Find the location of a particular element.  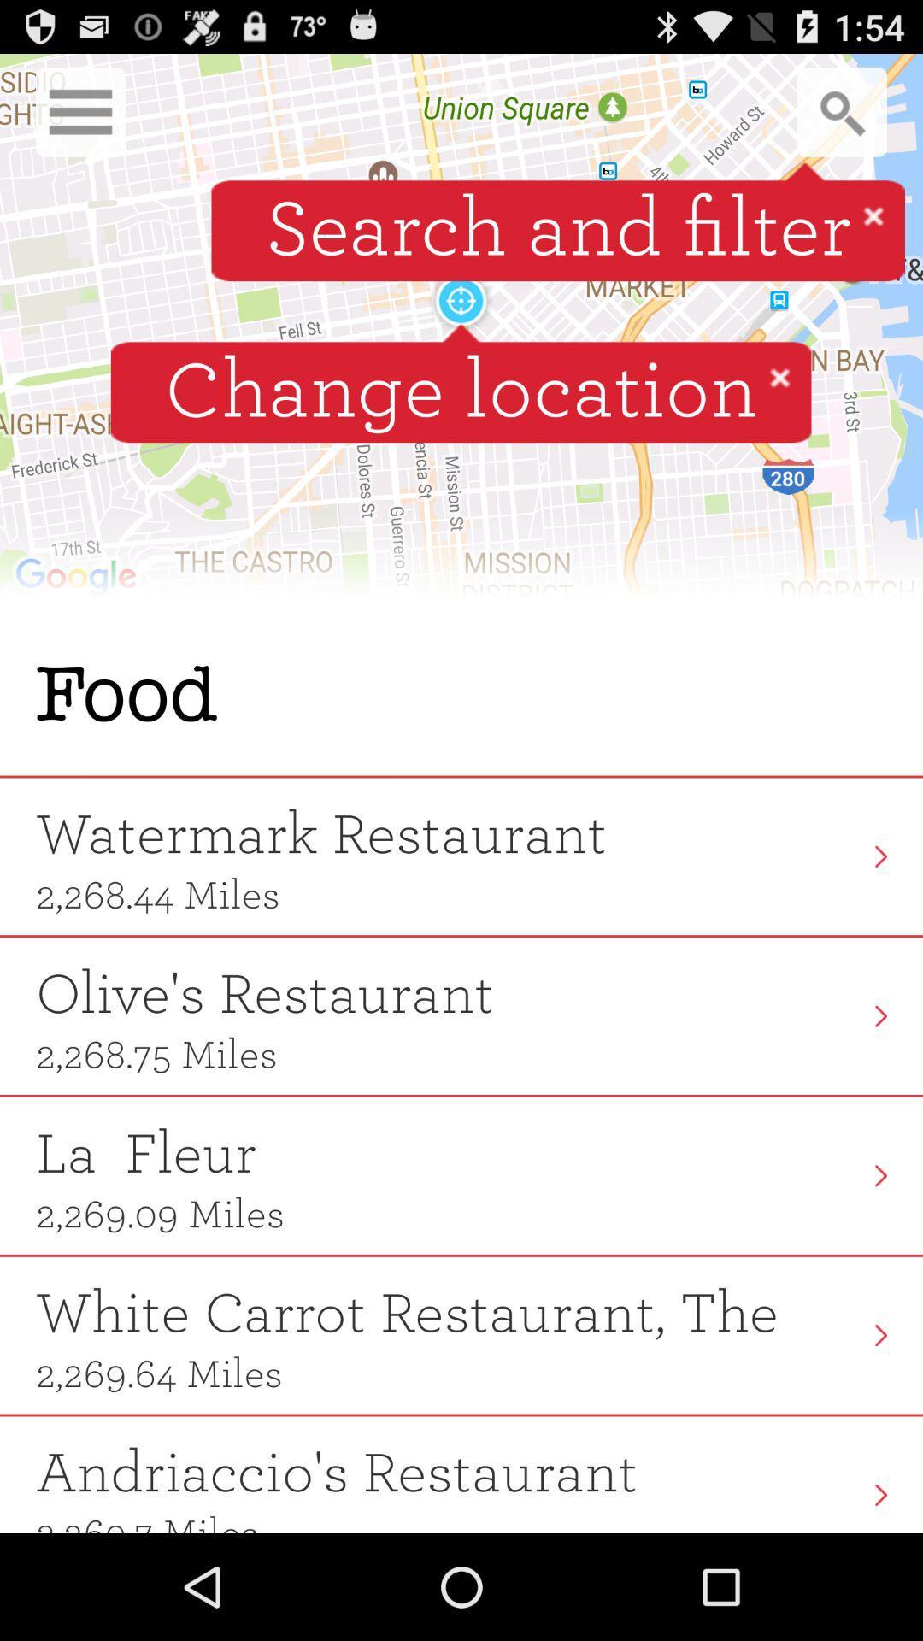

exit option is located at coordinates (779, 376).